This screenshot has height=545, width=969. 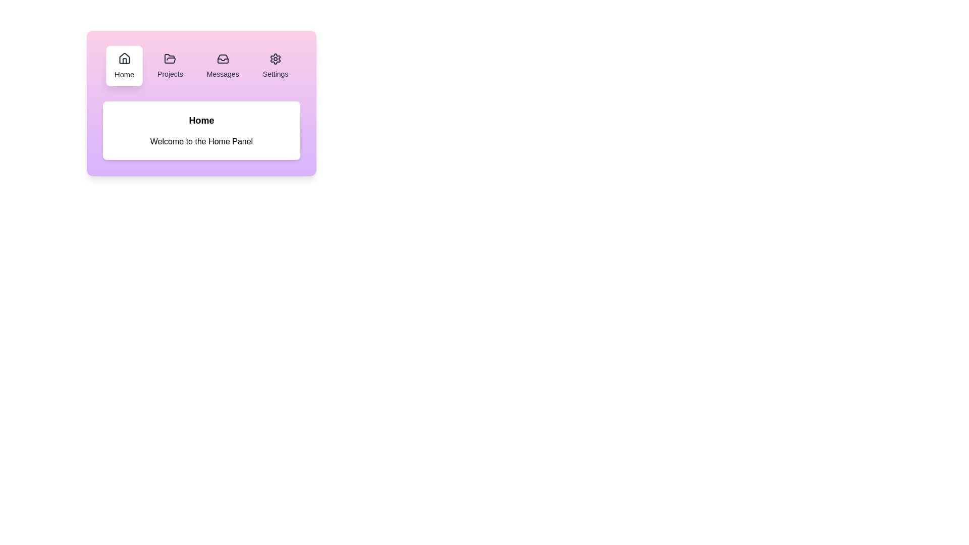 I want to click on the graphical icon representing the 'Messages' section located in the menu bar, specifically within the third button labeled 'Messages', positioned just above the text label, so click(x=222, y=59).